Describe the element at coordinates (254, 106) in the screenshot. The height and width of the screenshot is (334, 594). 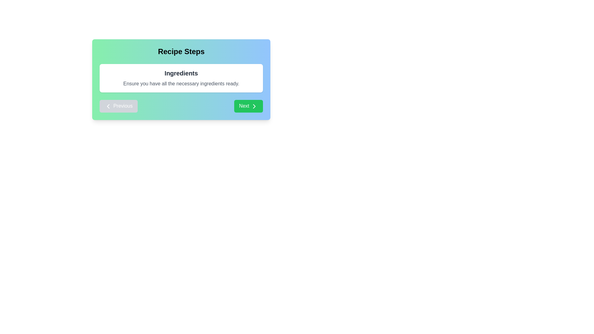
I see `the Chevron right SVG icon located within the 'Next' button, positioned towards the right side of the button's label text` at that location.